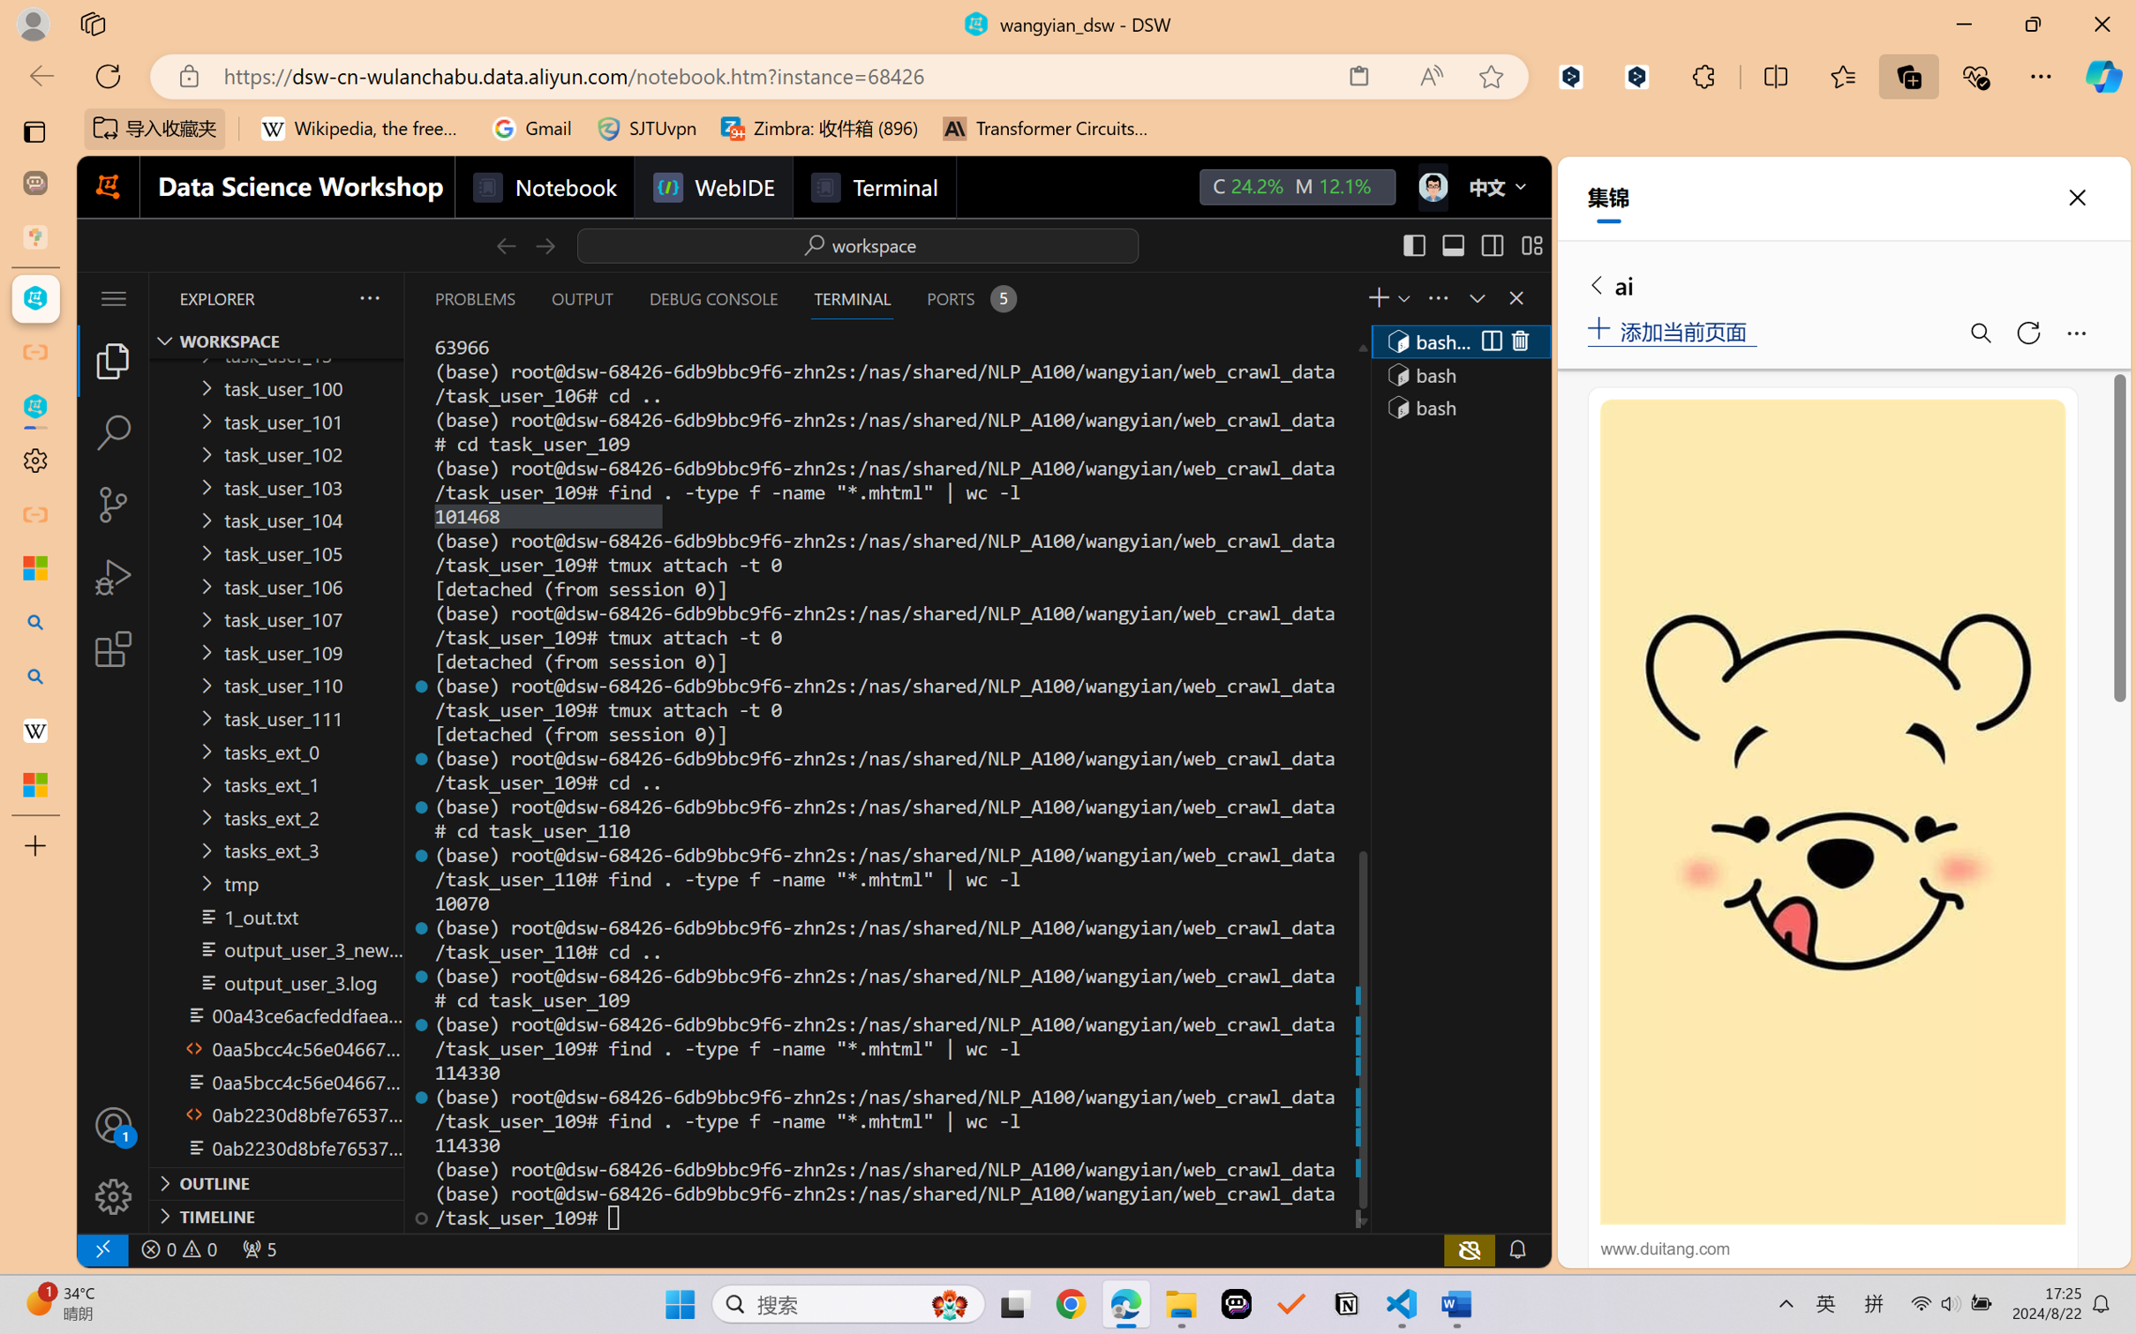  What do you see at coordinates (1045, 128) in the screenshot?
I see `'Transformer Circuits Thread'` at bounding box center [1045, 128].